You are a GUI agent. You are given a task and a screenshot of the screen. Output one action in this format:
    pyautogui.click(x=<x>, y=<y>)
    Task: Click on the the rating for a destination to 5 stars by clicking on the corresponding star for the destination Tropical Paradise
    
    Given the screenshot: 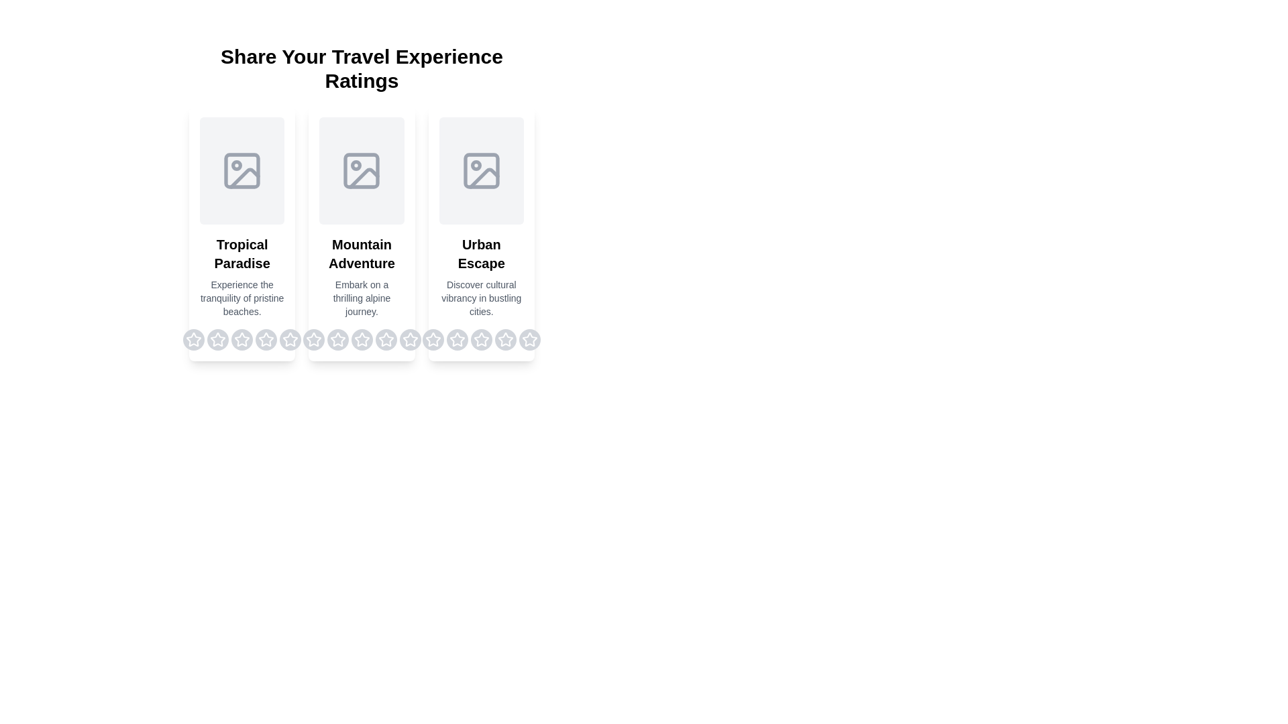 What is the action you would take?
    pyautogui.click(x=290, y=339)
    